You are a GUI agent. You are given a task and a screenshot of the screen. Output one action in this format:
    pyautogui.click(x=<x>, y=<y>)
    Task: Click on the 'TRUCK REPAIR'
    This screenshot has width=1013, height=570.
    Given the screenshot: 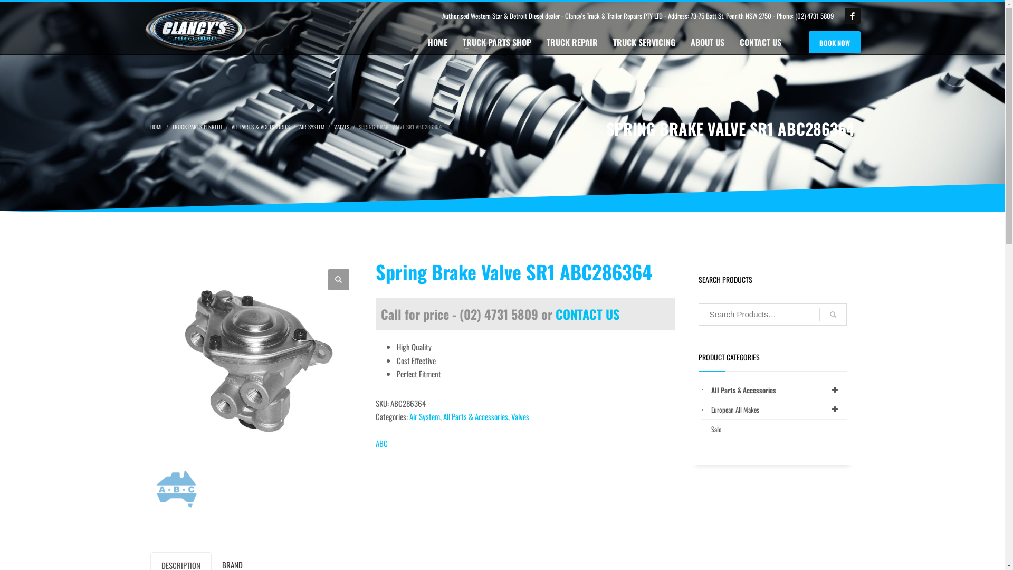 What is the action you would take?
    pyautogui.click(x=540, y=42)
    